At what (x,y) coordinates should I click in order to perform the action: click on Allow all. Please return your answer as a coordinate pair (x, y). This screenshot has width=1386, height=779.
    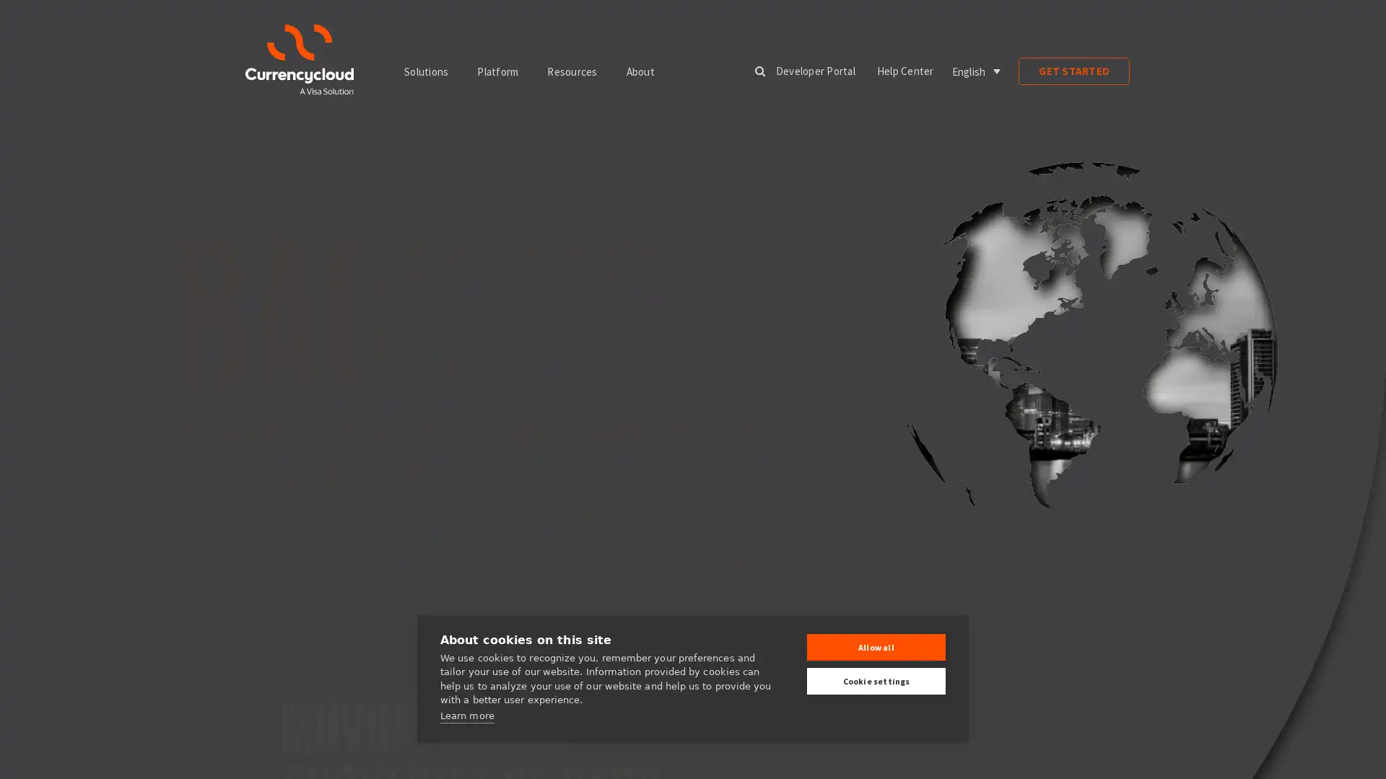
    Looking at the image, I should click on (876, 646).